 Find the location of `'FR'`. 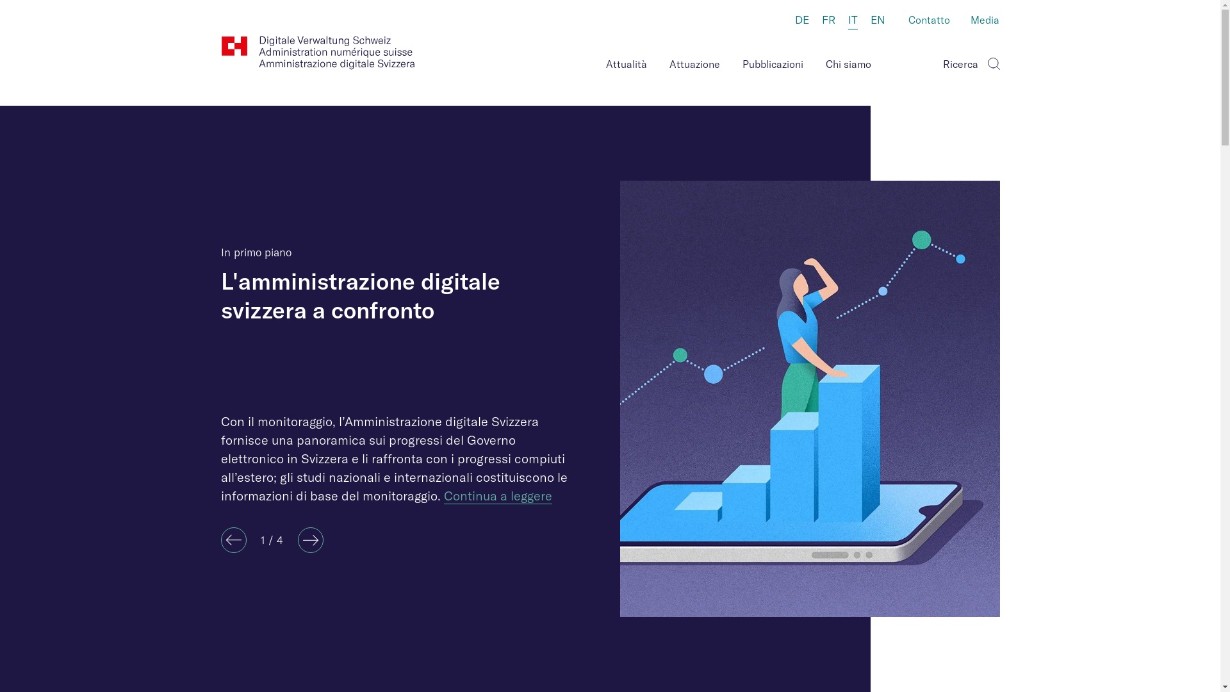

'FR' is located at coordinates (828, 21).